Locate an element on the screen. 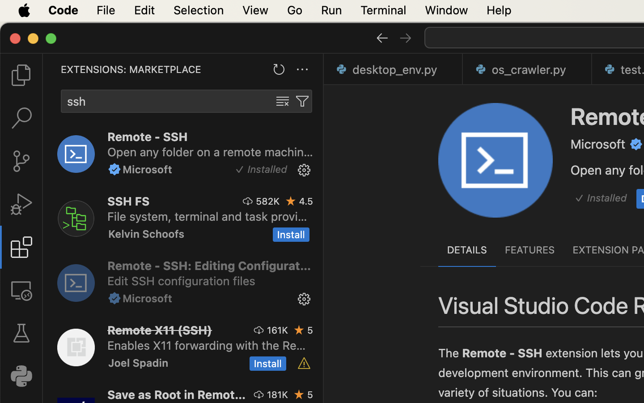 The width and height of the screenshot is (644, 403). '' is located at coordinates (21, 204).